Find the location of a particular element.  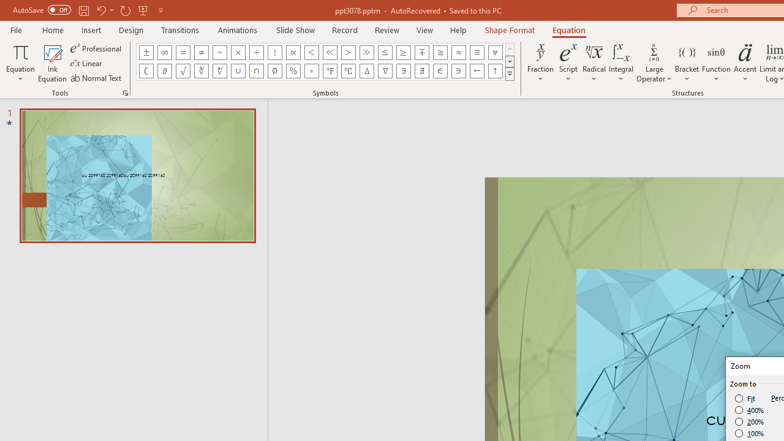

'Equation Symbol There Does Not Exist' is located at coordinates (422, 70).